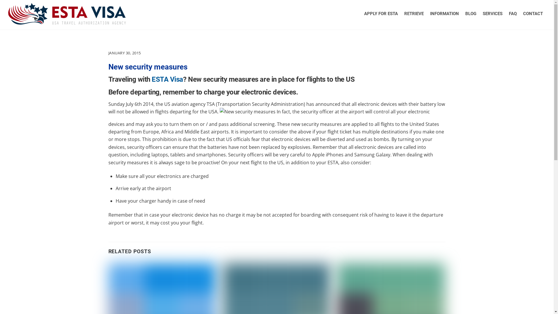  What do you see at coordinates (67, 13) in the screenshot?
I see `'visa-esta-logo'` at bounding box center [67, 13].